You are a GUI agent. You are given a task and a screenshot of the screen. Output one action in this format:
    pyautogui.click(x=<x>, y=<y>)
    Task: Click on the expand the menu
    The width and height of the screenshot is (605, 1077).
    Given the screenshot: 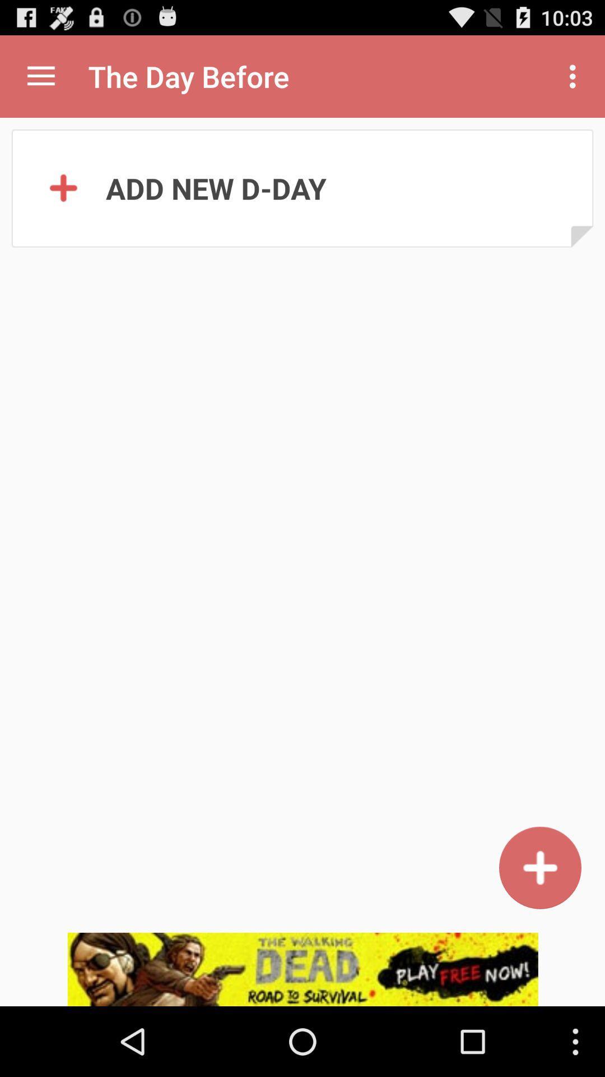 What is the action you would take?
    pyautogui.click(x=40, y=76)
    